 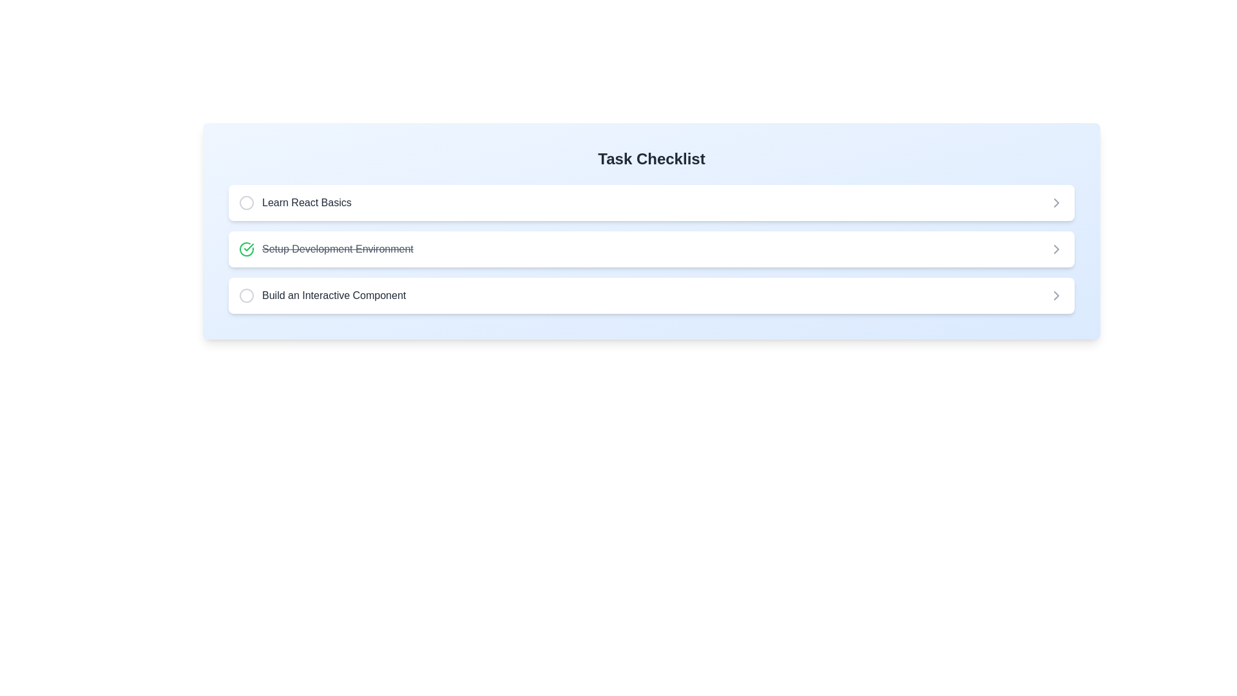 I want to click on the chevron icon located at the far-right side of the third task entry labeled 'Build an Interactive Component', so click(x=1057, y=296).